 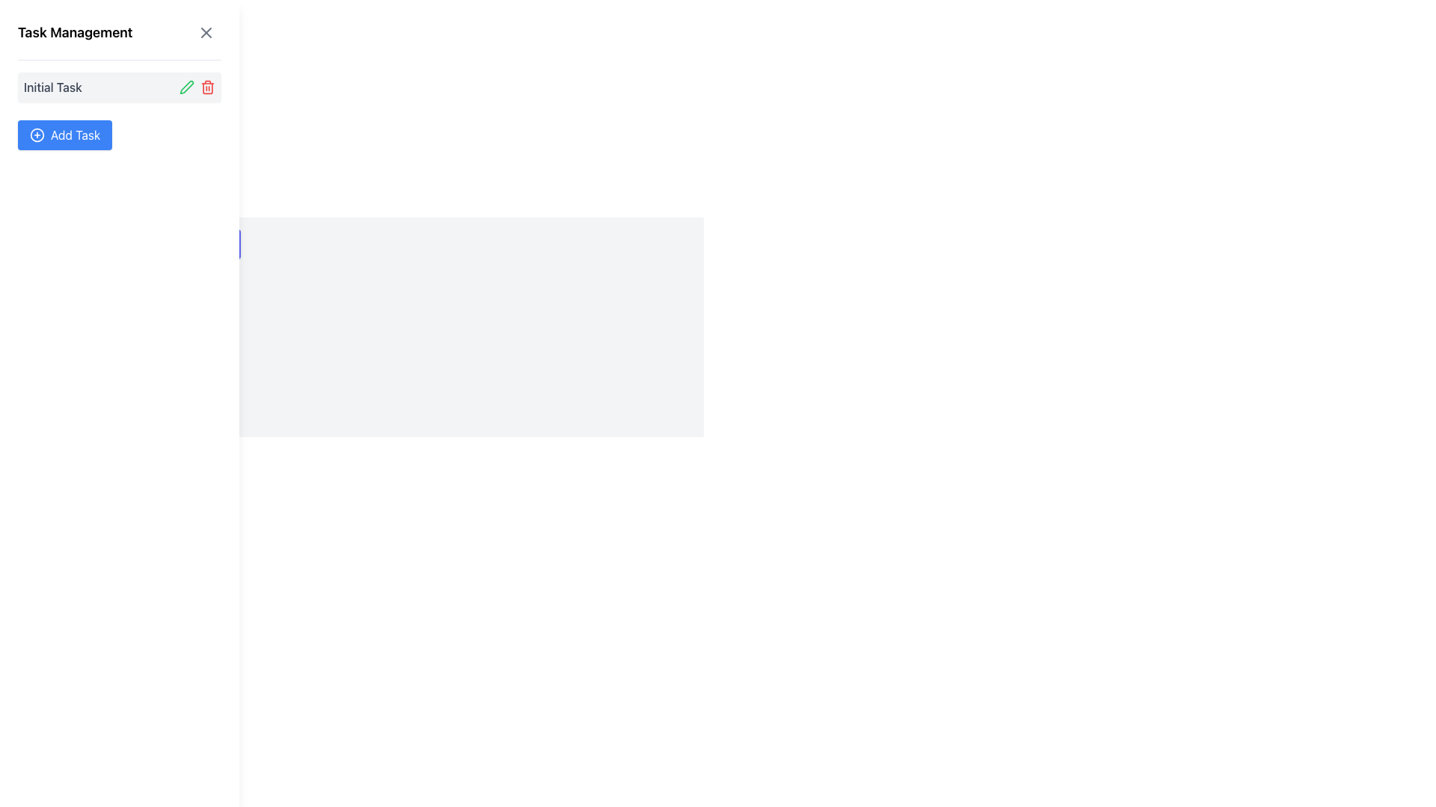 I want to click on the unique cross icon button located at the top-right corner of the 'Task Management' section to possibly reveal additional information, so click(x=205, y=32).